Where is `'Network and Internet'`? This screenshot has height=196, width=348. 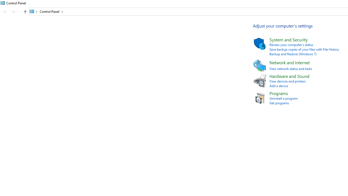
'Network and Internet' is located at coordinates (289, 62).